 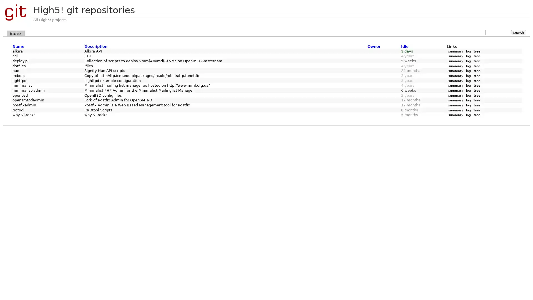 I want to click on search, so click(x=518, y=32).